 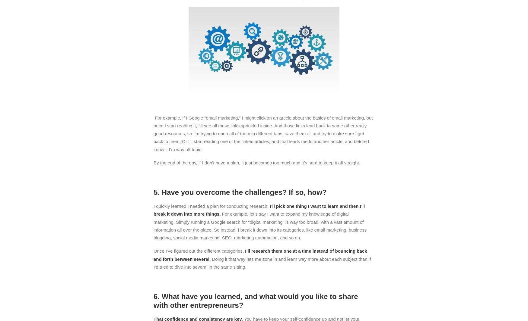 I want to click on 'I quickly learned I needed a plan for conducting research.', so click(x=212, y=206).